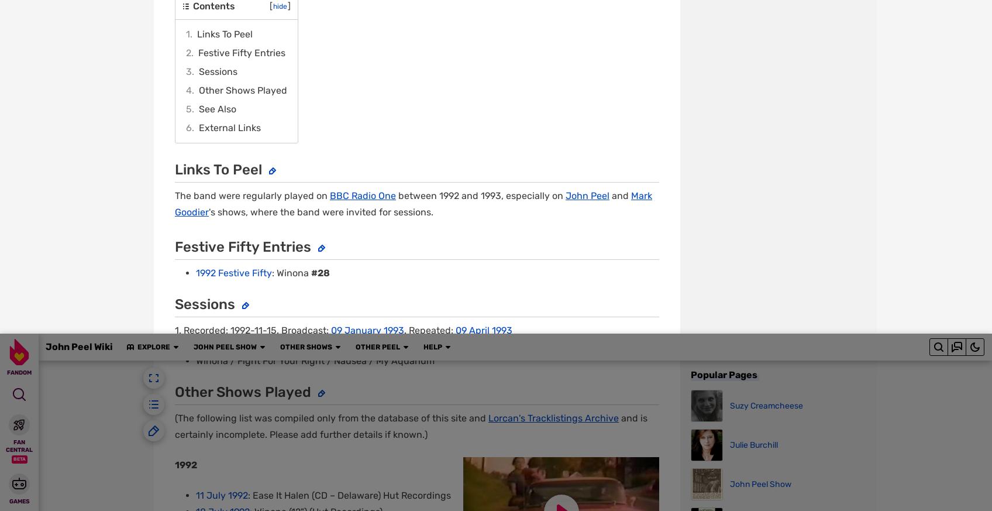  Describe the element at coordinates (202, 104) in the screenshot. I see `'Categories'` at that location.